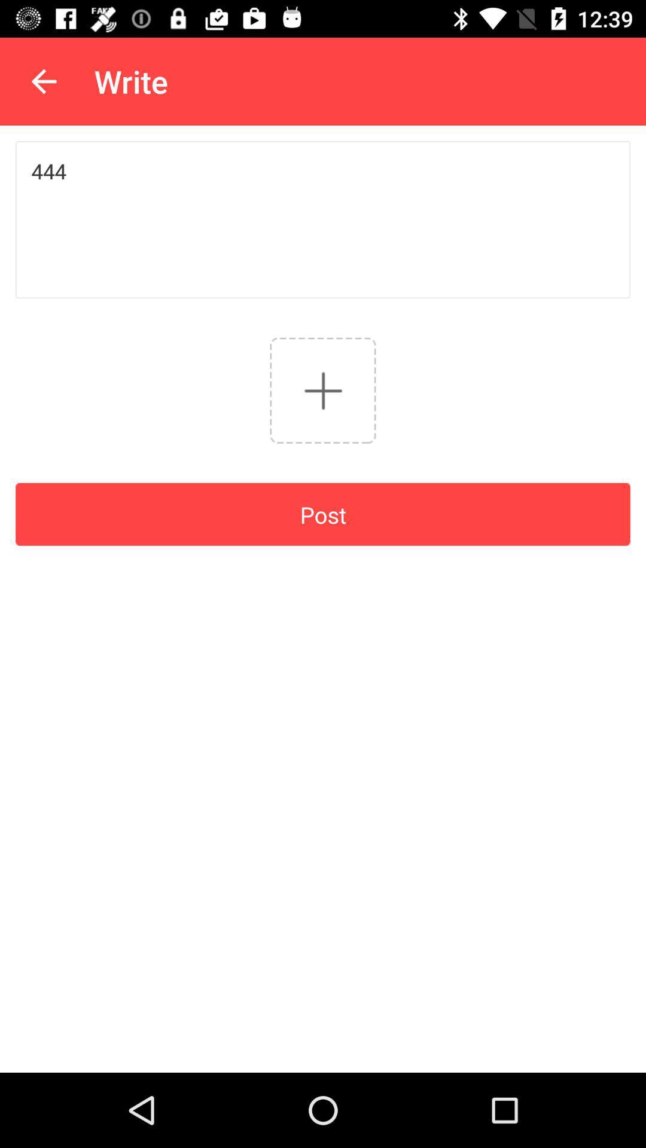  I want to click on item above the post icon, so click(323, 390).